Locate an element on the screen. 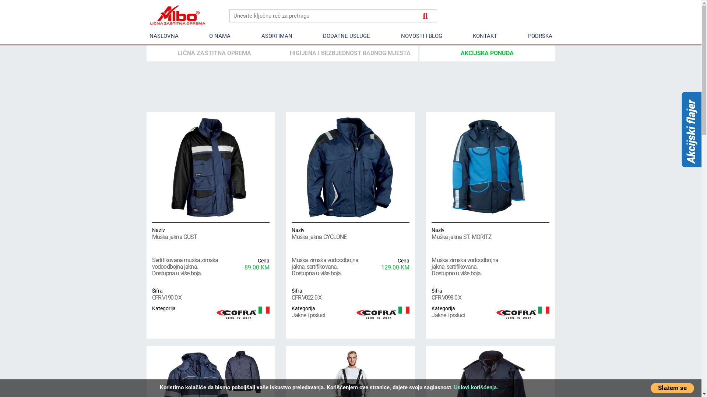  'ASORTIMAN' is located at coordinates (258, 36).